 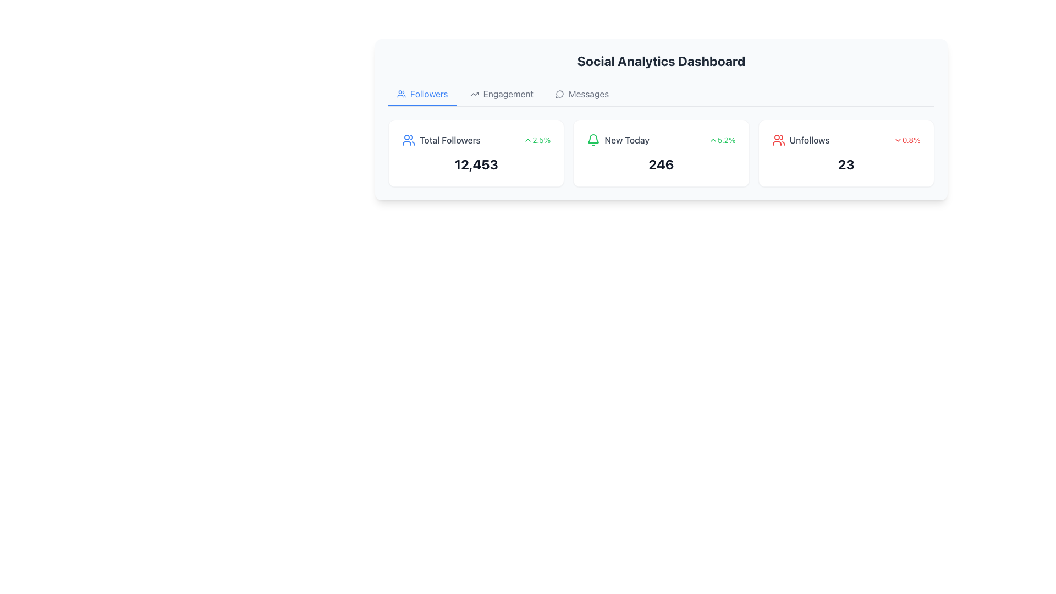 What do you see at coordinates (408, 139) in the screenshot?
I see `the 'Total Followers' icon located to the left of the text 'Total Followers' in the first card on the dashboard` at bounding box center [408, 139].